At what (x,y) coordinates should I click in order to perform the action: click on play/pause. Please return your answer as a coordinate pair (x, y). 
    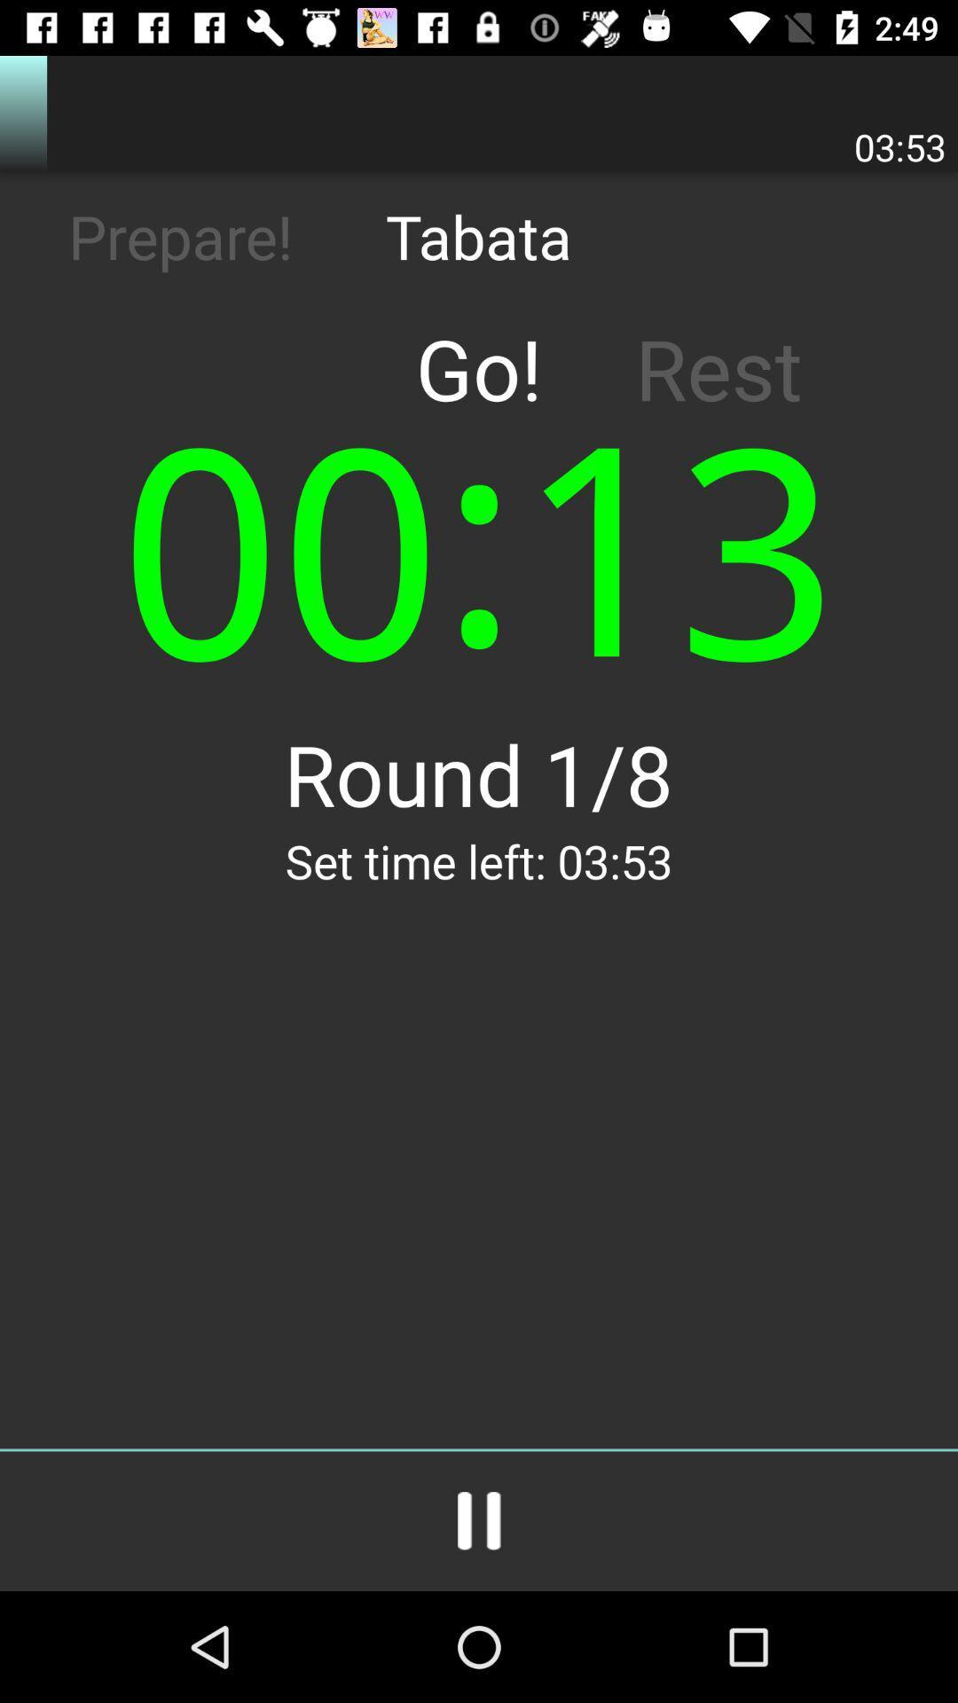
    Looking at the image, I should click on (479, 1520).